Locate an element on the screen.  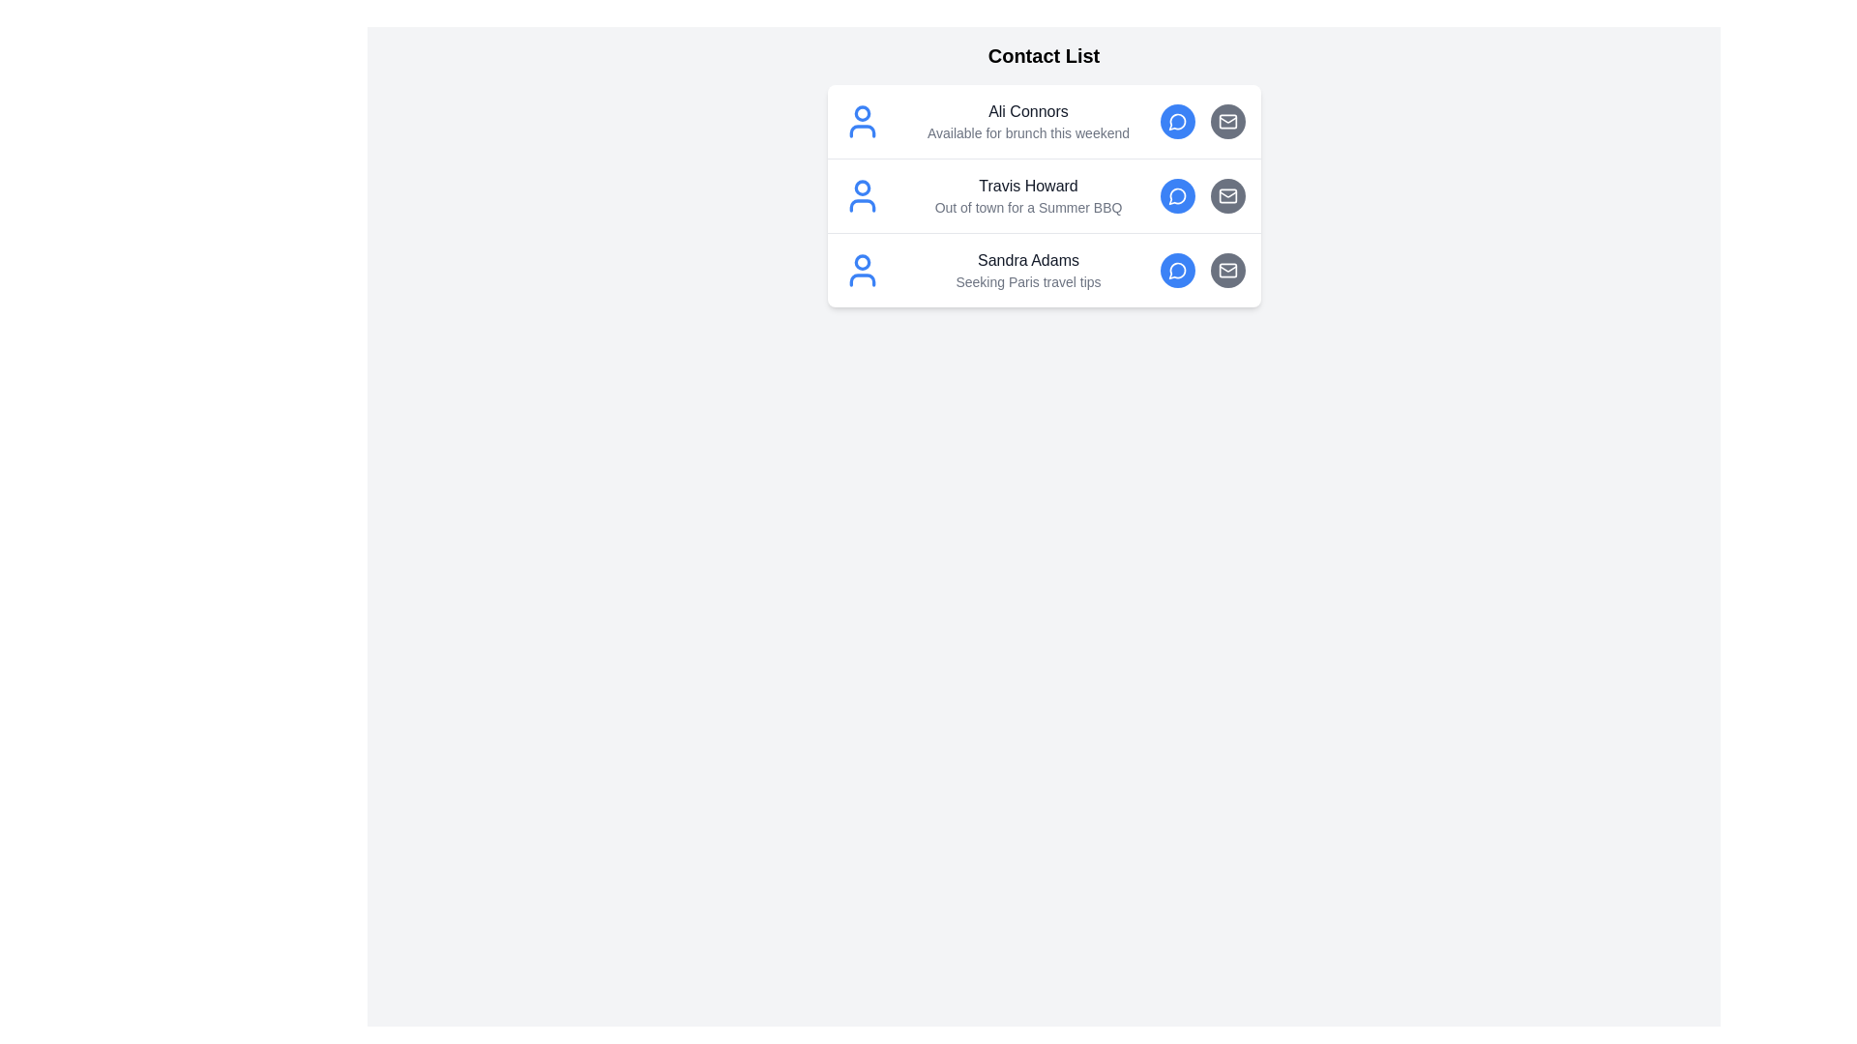
the contact entry list item that is positioned below 'Ali Connors' and above 'Sandra Adams' in the vertical list is located at coordinates (1043, 195).